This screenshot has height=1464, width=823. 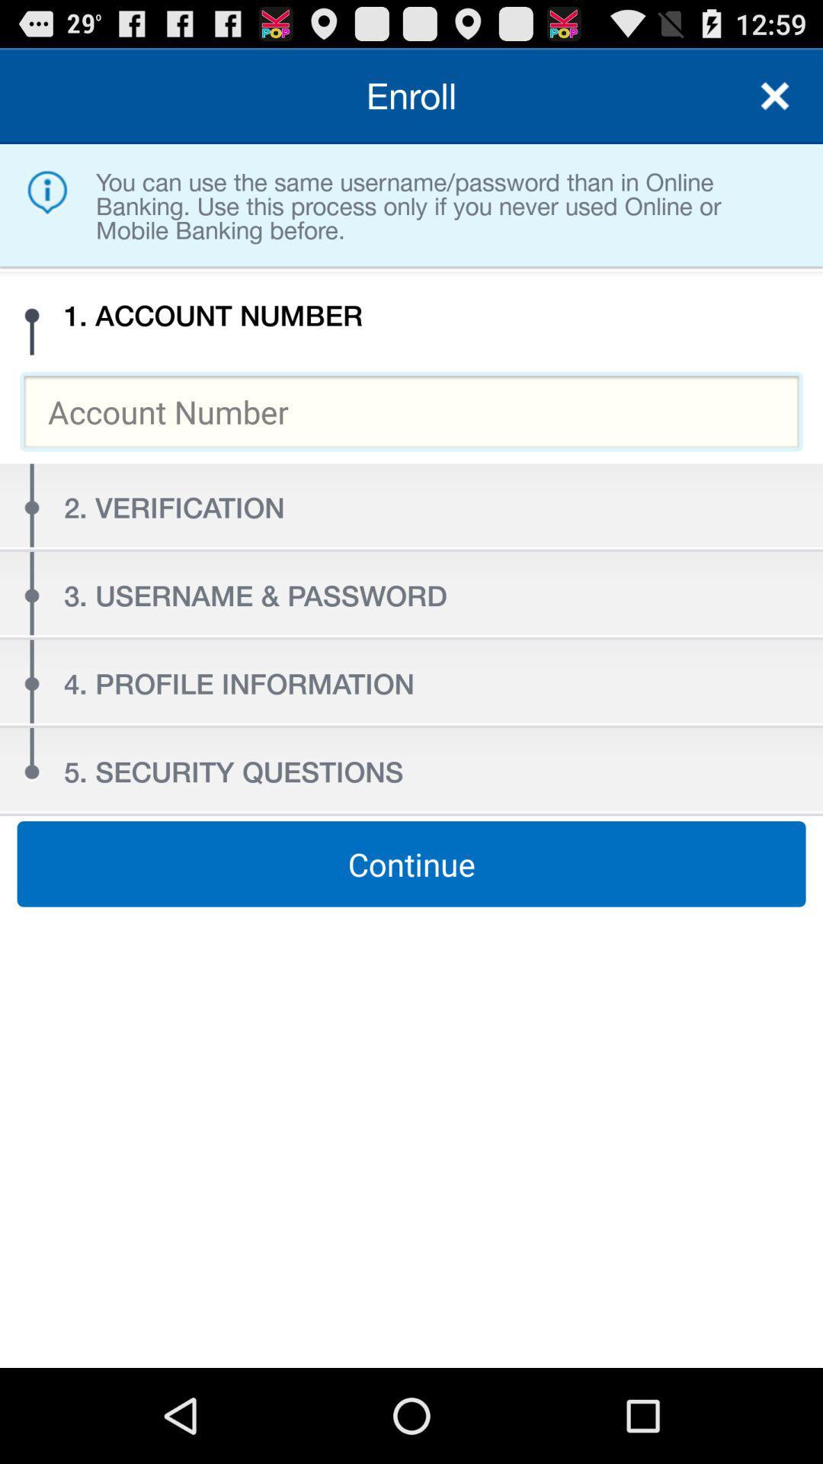 I want to click on page, so click(x=775, y=95).